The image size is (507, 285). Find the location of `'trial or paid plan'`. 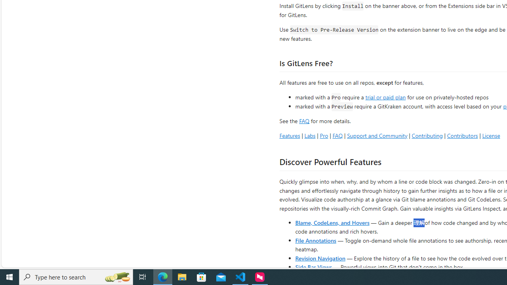

'trial or paid plan' is located at coordinates (385, 96).